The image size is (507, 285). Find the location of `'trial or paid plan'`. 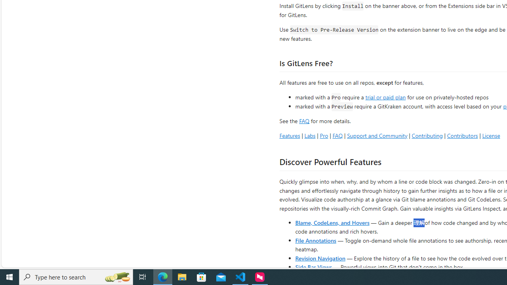

'trial or paid plan' is located at coordinates (385, 96).